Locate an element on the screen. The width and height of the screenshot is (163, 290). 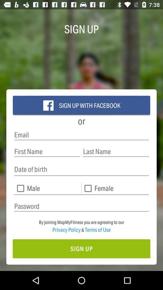
date of birth text box is located at coordinates (81, 169).